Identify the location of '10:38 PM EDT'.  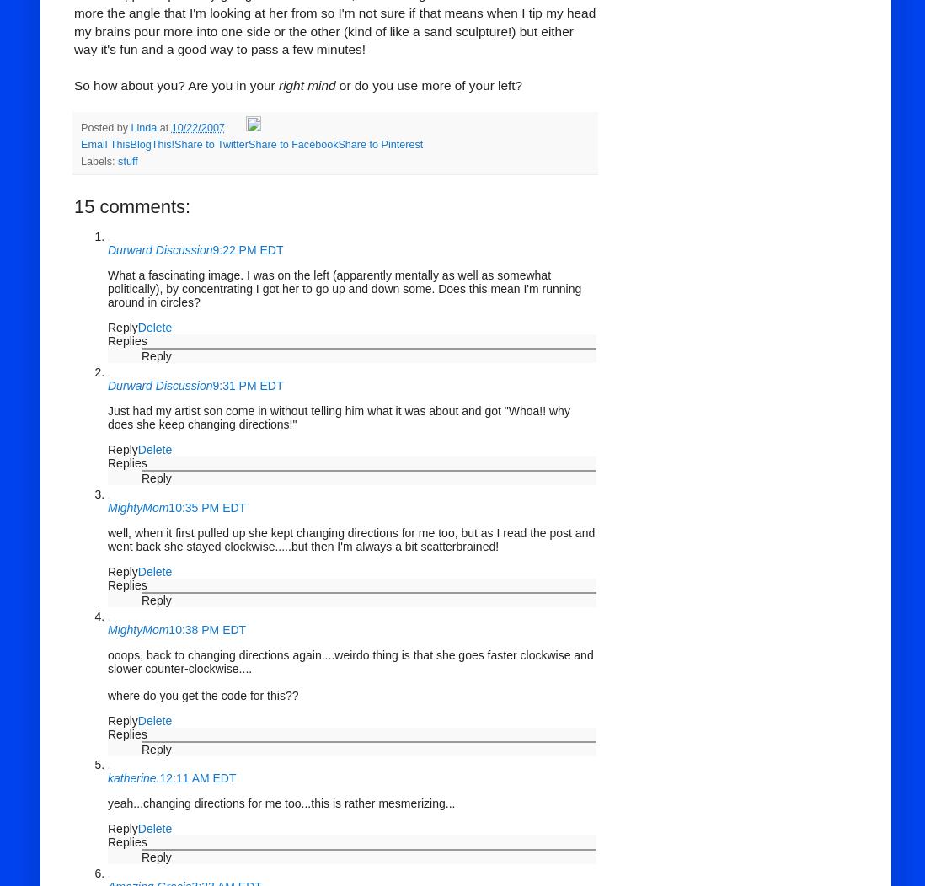
(206, 628).